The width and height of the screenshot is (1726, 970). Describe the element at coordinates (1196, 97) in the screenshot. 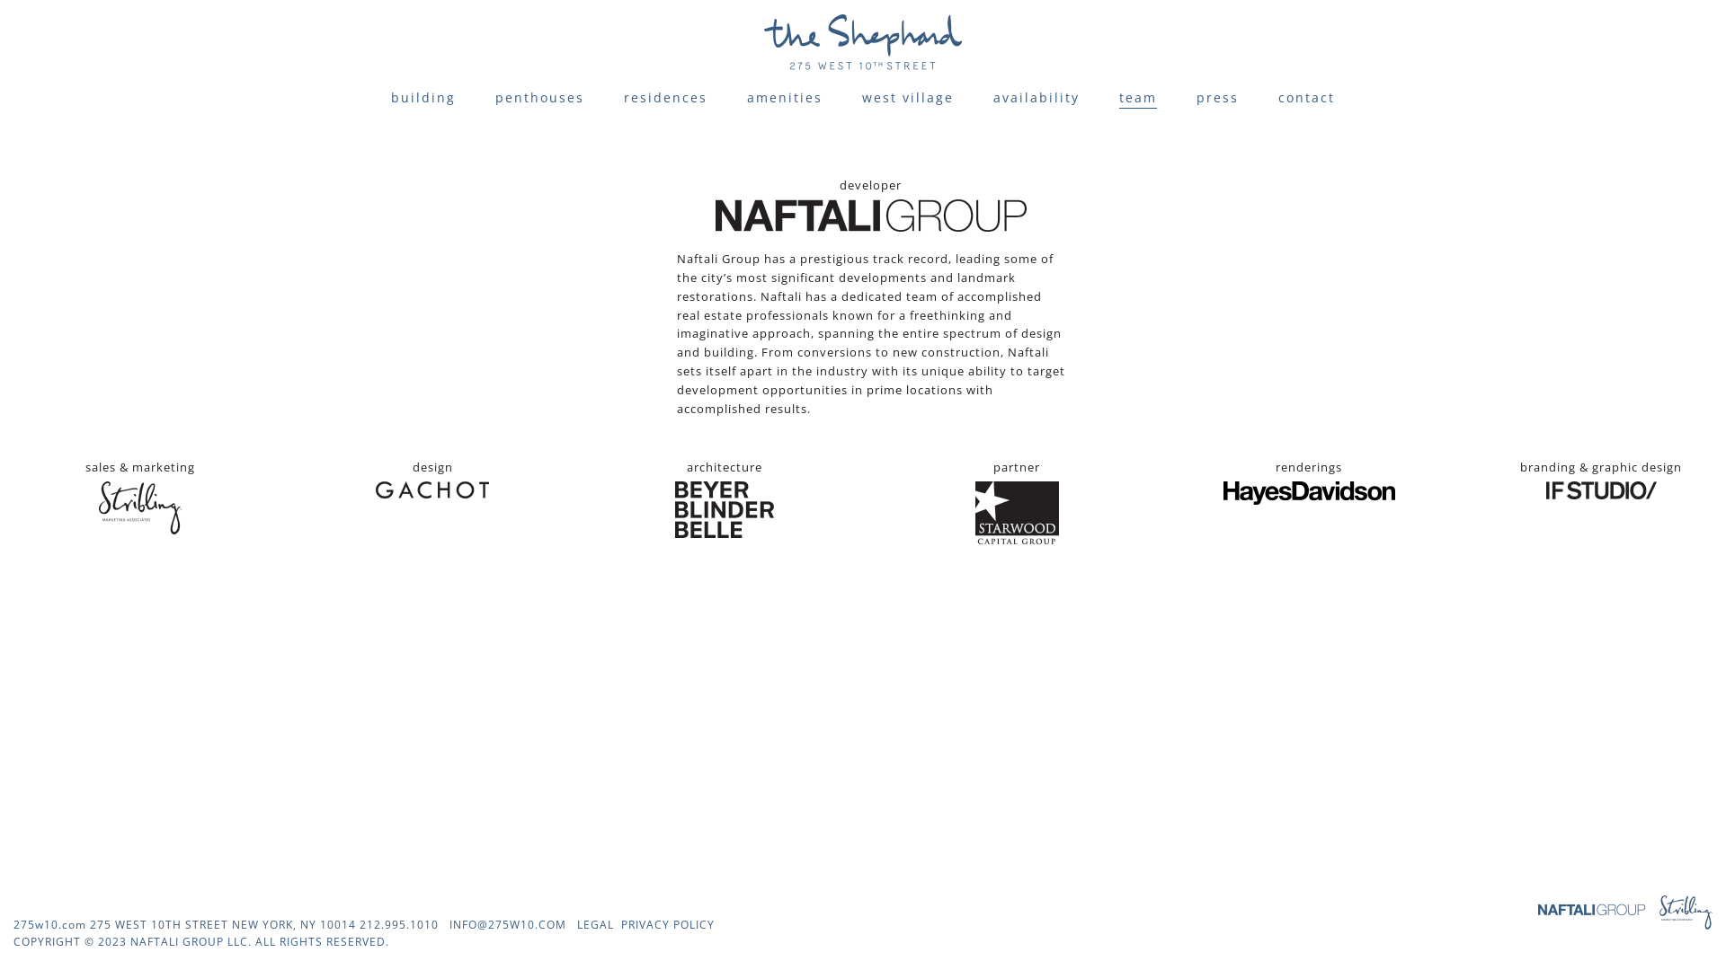

I see `'press'` at that location.